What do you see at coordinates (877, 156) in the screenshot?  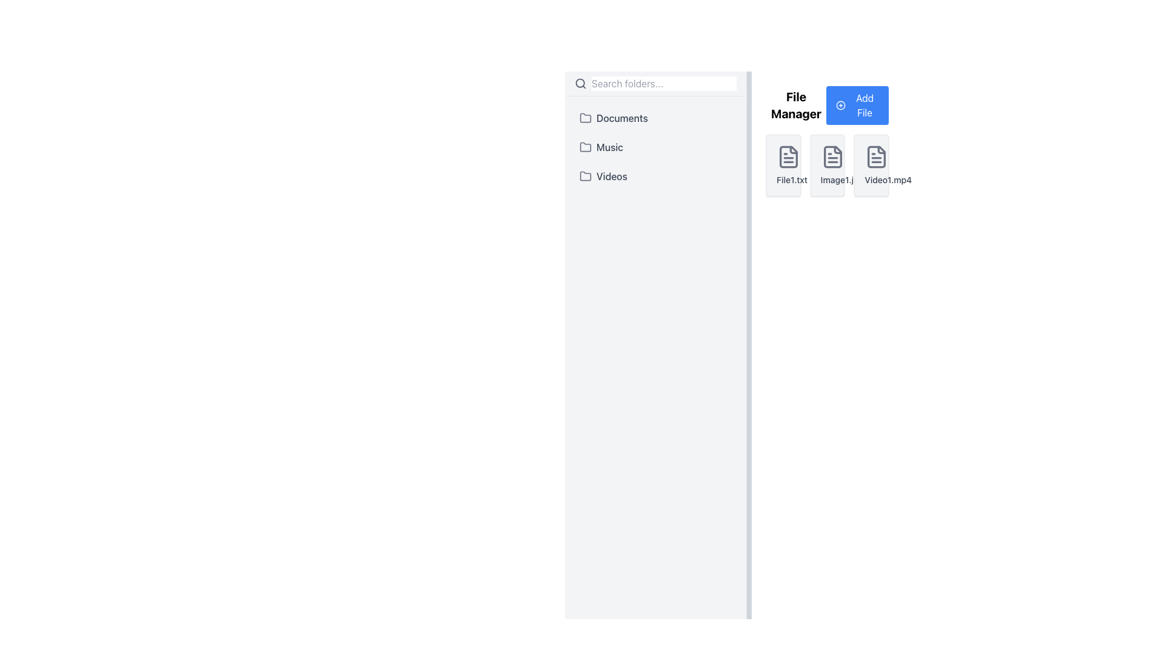 I see `the gray file icon representing the text-based file within the 'Video1.mp4' card` at bounding box center [877, 156].